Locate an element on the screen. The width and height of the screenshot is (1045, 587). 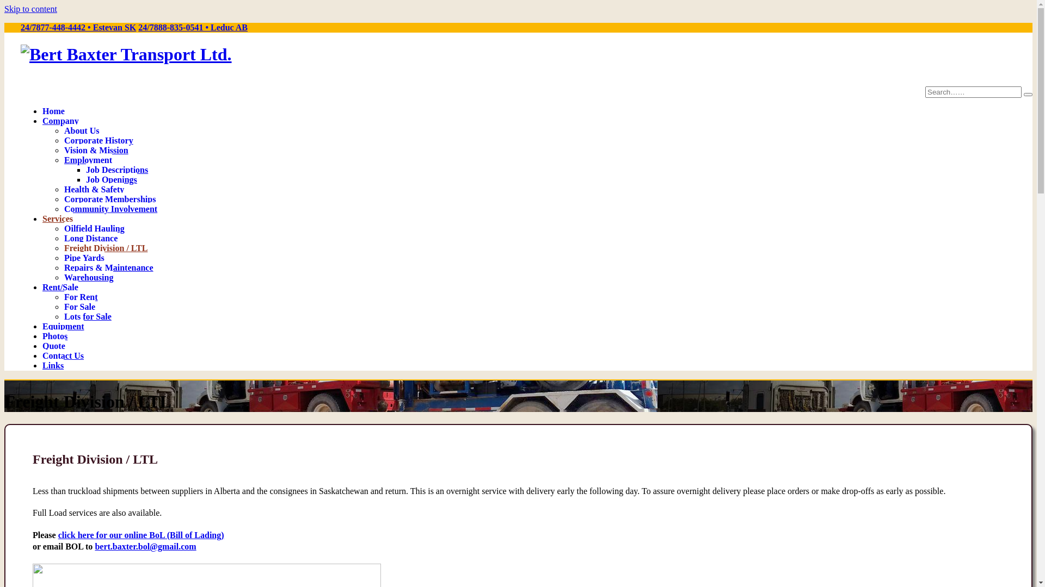
'About Us' is located at coordinates (81, 129).